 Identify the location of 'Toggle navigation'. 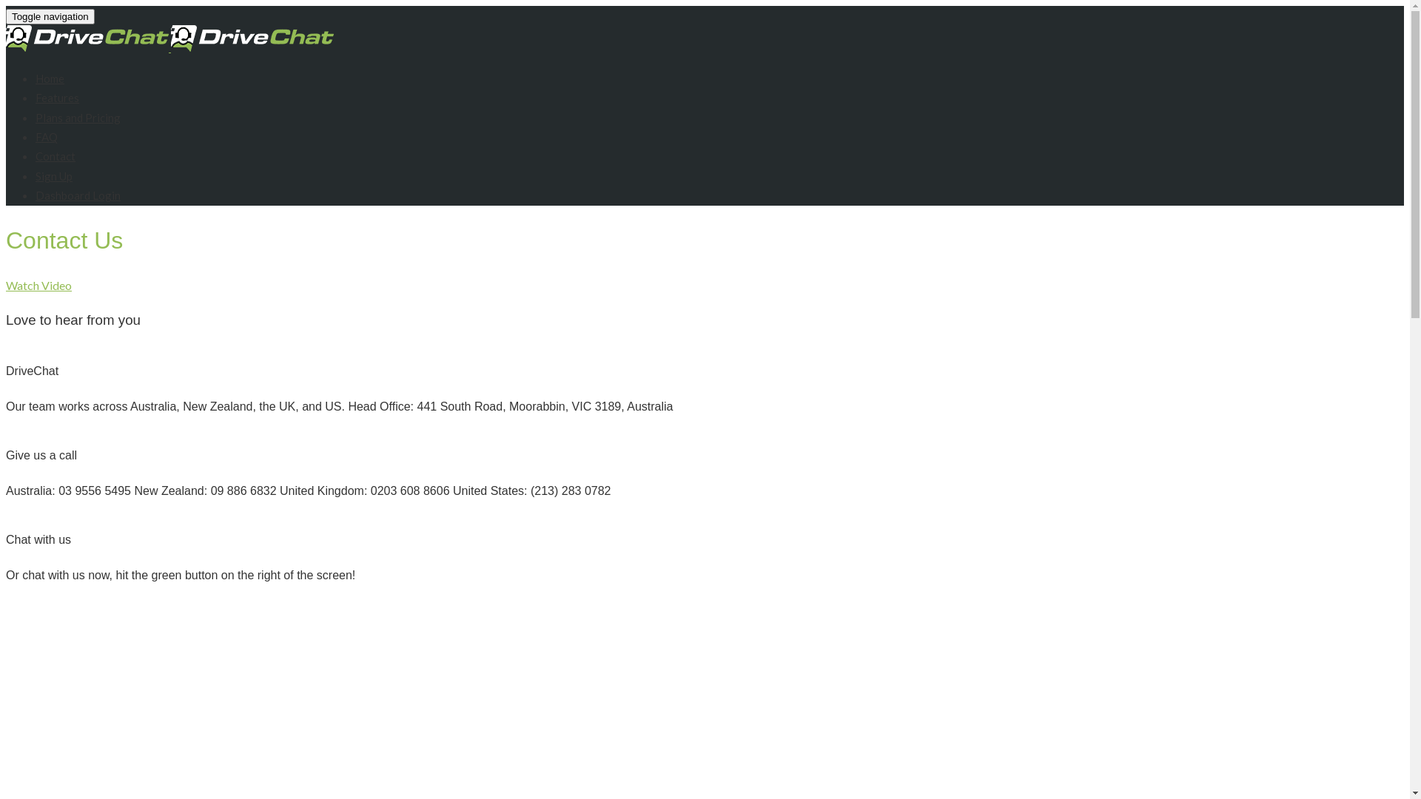
(50, 16).